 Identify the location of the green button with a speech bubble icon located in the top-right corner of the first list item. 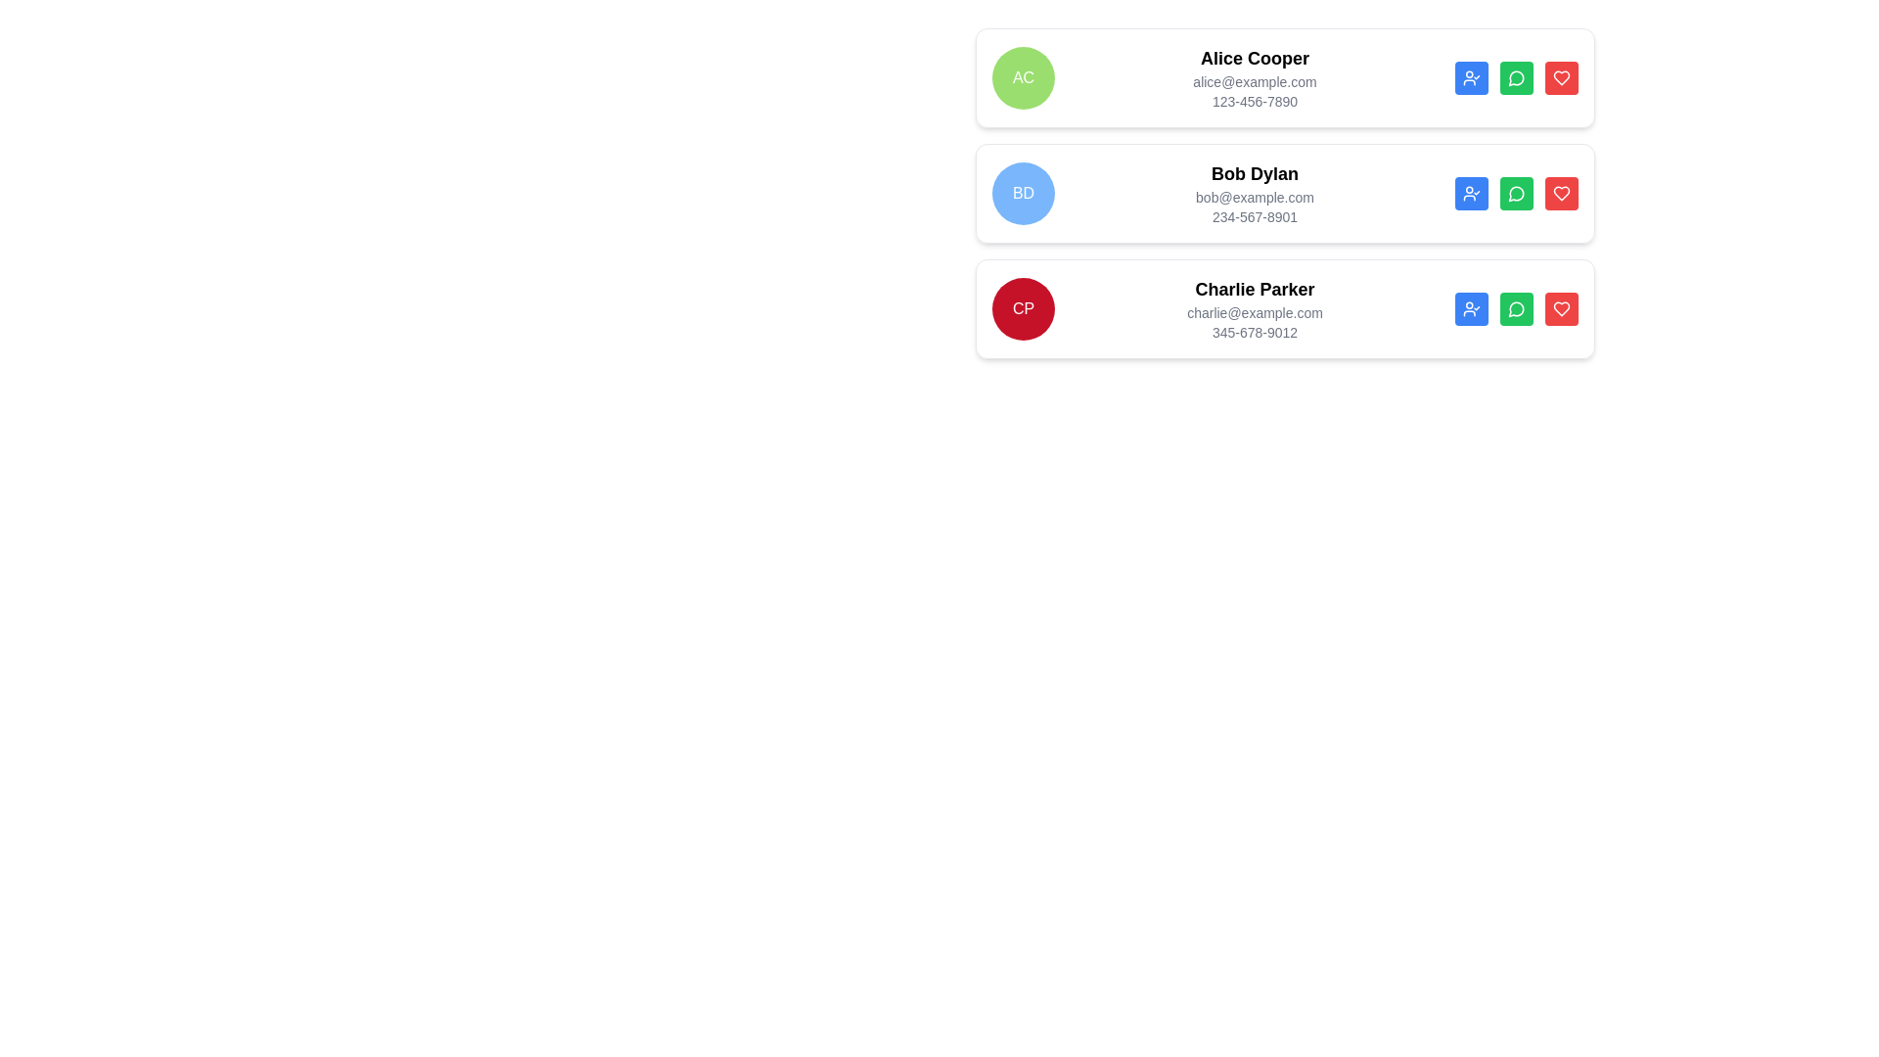
(1516, 77).